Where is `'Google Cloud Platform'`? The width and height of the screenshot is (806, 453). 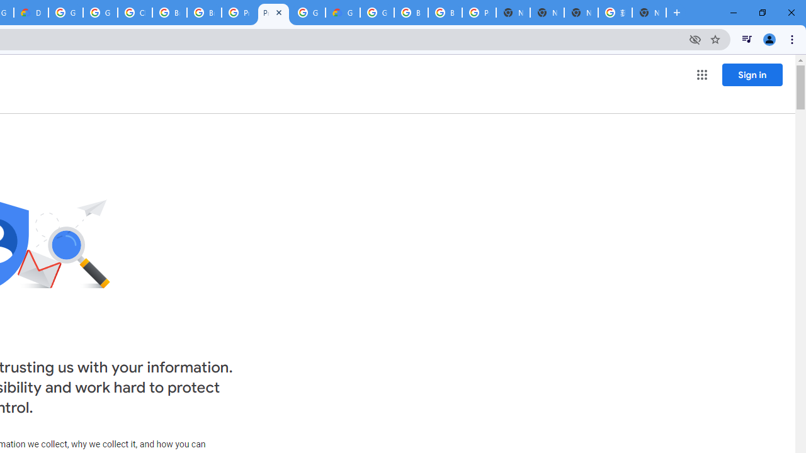
'Google Cloud Platform' is located at coordinates (308, 13).